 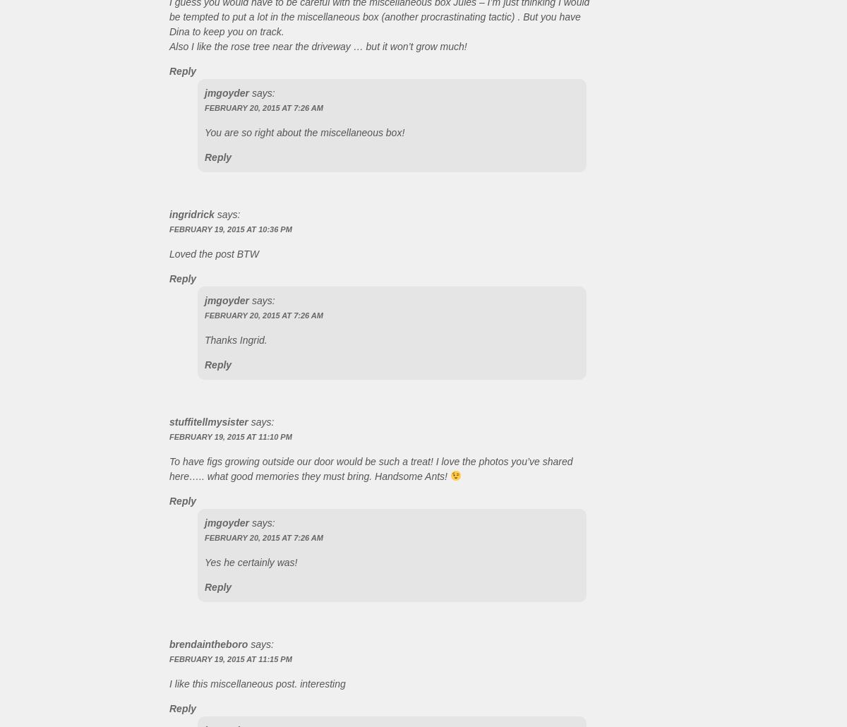 What do you see at coordinates (208, 643) in the screenshot?
I see `'brendaintheboro'` at bounding box center [208, 643].